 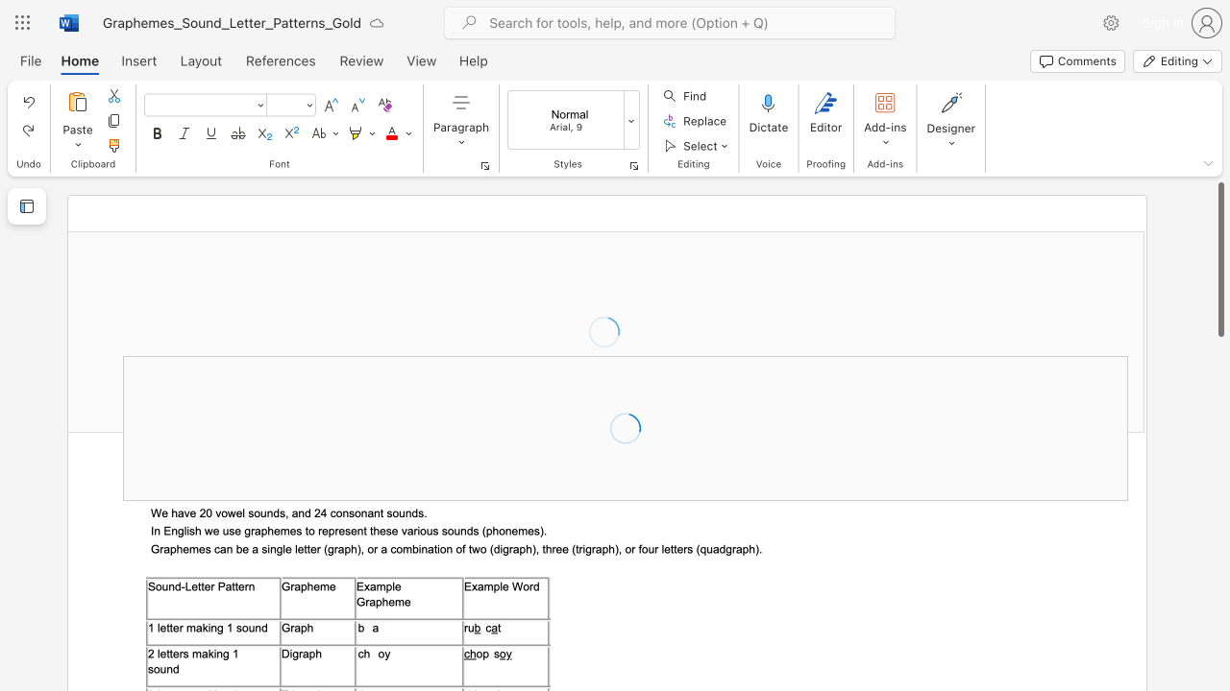 What do you see at coordinates (1219, 365) in the screenshot?
I see `the scrollbar on the right side to scroll the page down` at bounding box center [1219, 365].